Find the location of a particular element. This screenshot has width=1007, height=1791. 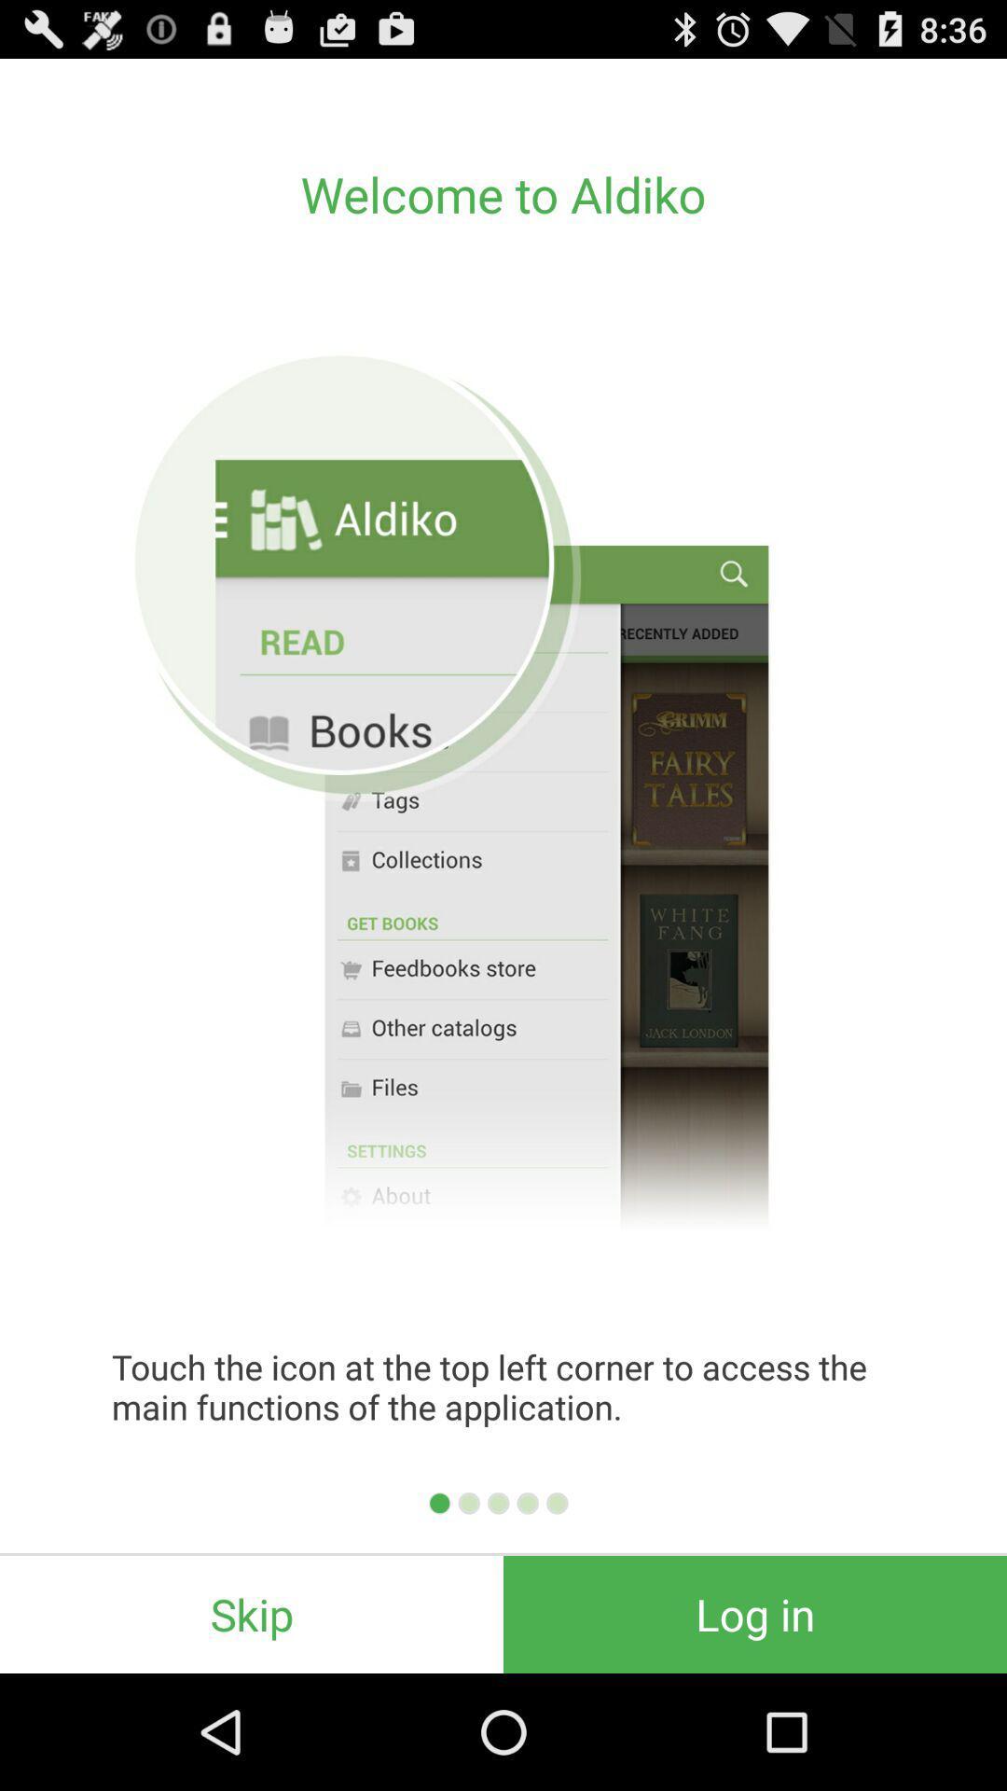

the icon next to log in item is located at coordinates (252, 1614).